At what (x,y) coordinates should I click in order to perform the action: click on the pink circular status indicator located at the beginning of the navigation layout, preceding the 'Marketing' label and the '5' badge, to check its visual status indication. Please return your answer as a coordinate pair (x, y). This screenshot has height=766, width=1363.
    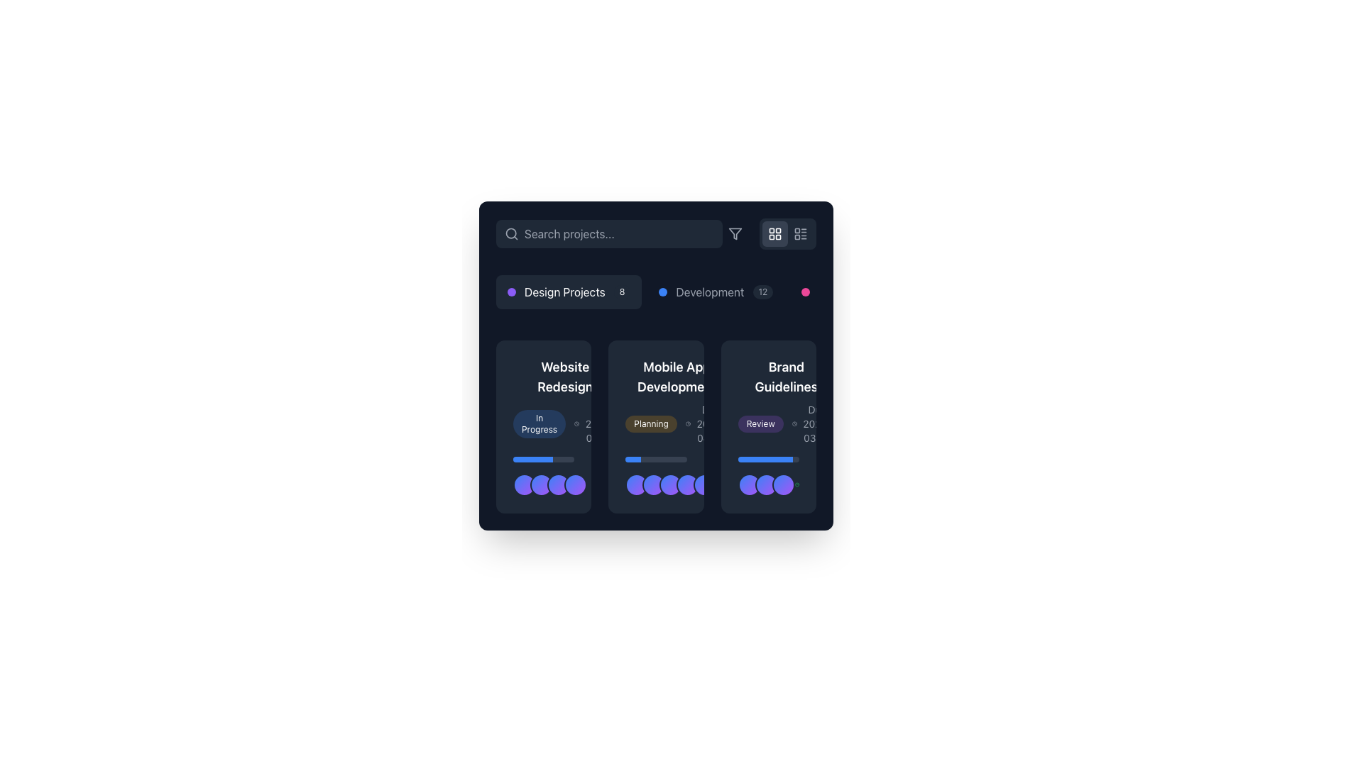
    Looking at the image, I should click on (806, 292).